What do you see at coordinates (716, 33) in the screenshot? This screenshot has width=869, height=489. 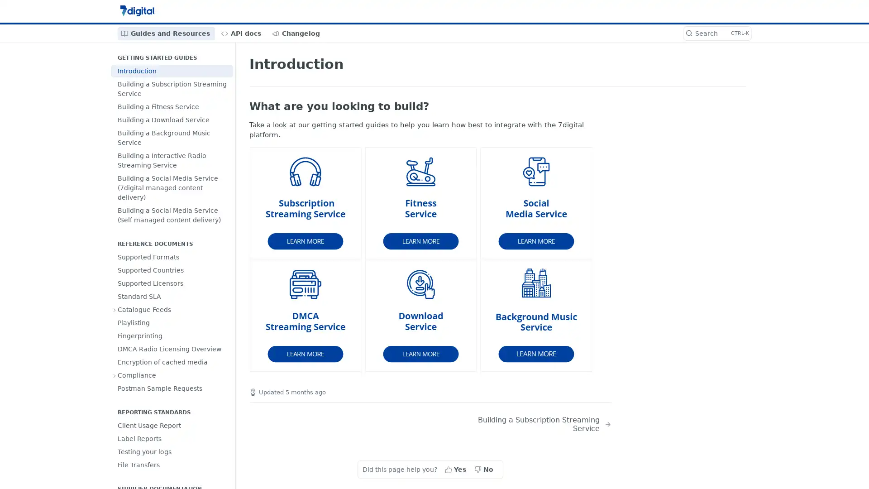 I see `Search` at bounding box center [716, 33].